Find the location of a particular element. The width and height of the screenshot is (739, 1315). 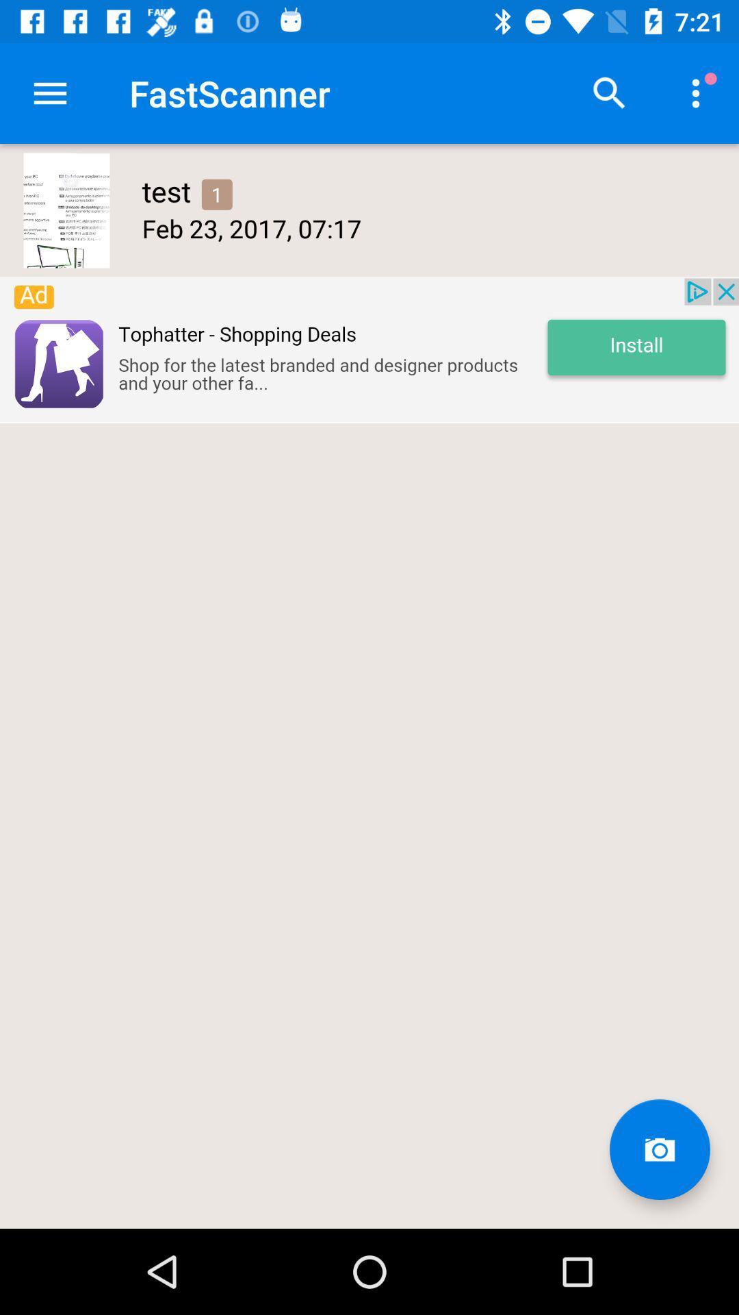

install page is located at coordinates (369, 350).